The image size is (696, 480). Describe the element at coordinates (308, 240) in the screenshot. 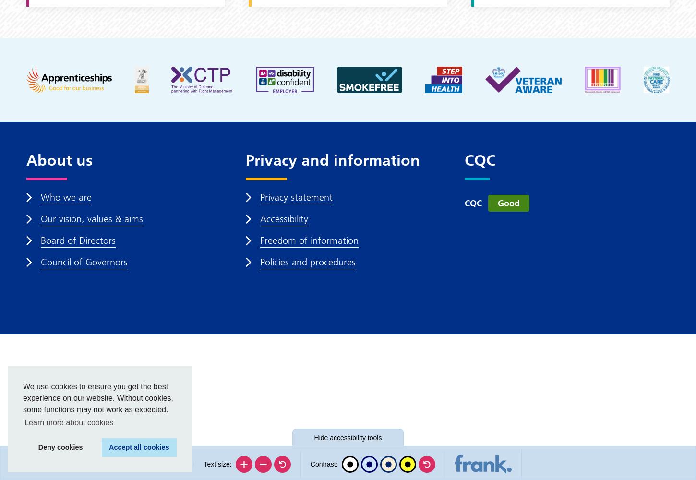

I see `'Freedom of information'` at that location.